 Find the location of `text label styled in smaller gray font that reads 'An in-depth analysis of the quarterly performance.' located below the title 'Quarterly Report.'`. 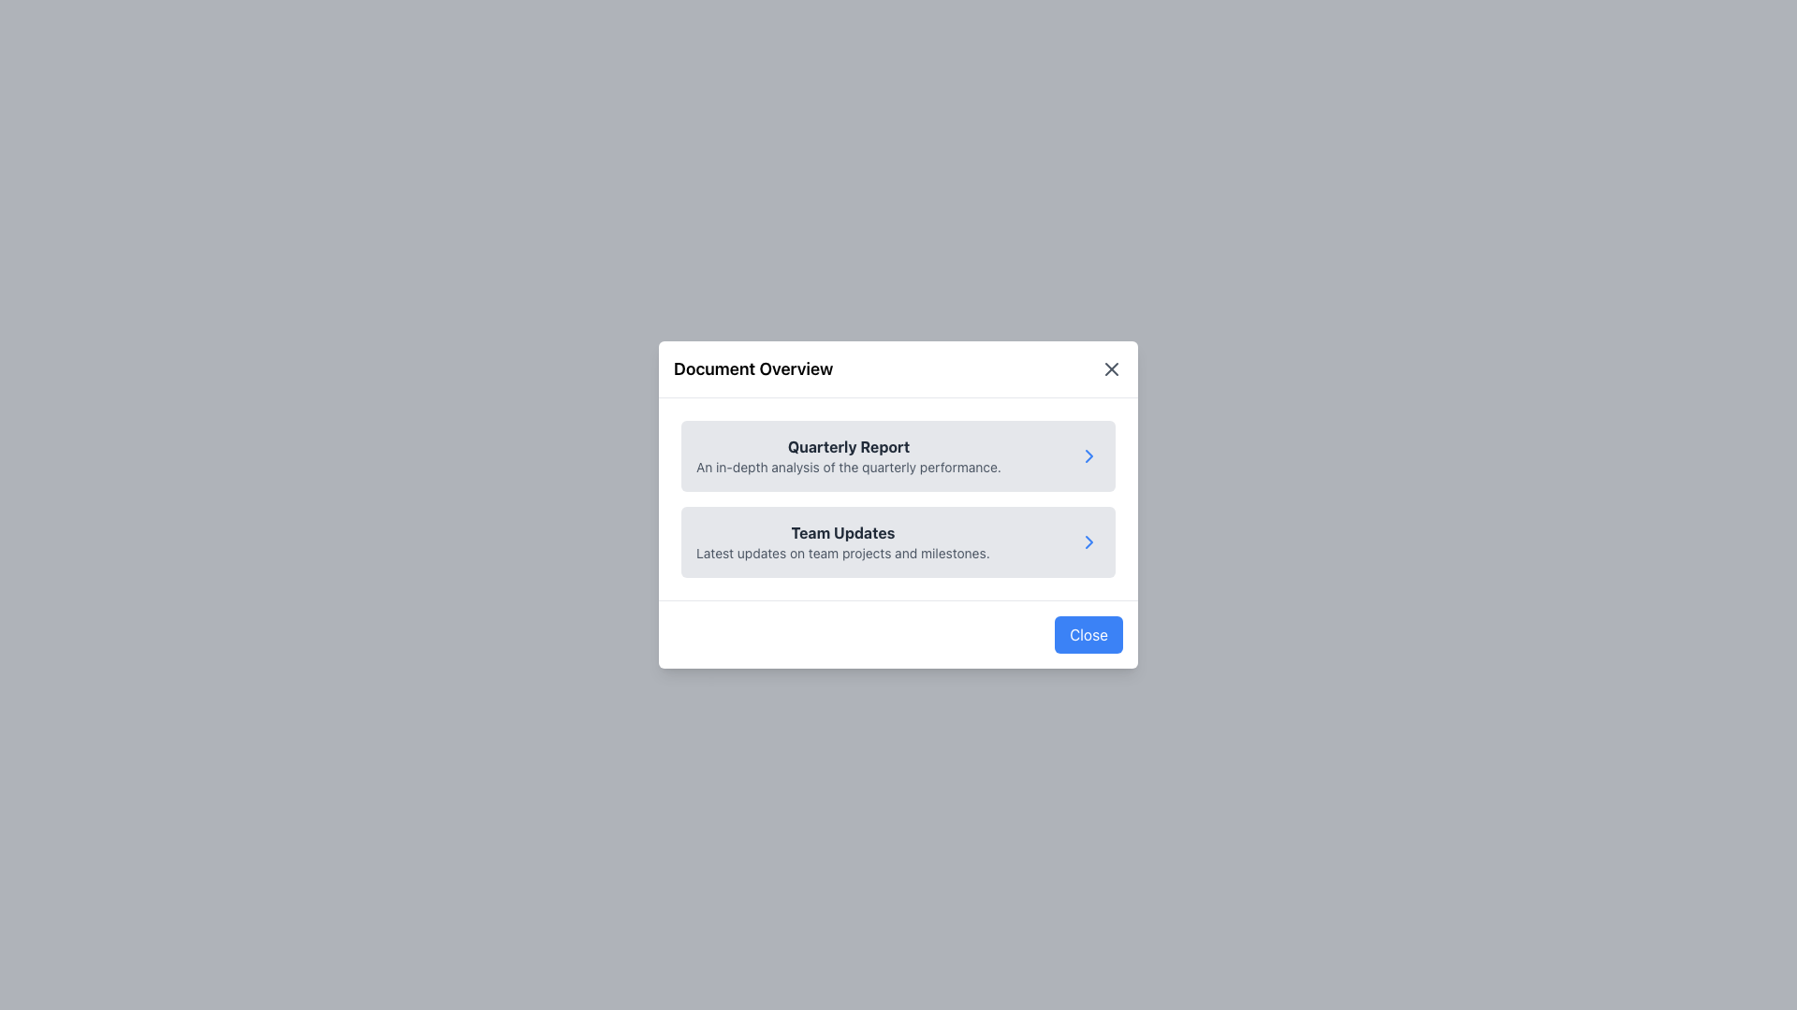

text label styled in smaller gray font that reads 'An in-depth analysis of the quarterly performance.' located below the title 'Quarterly Report.' is located at coordinates (848, 467).